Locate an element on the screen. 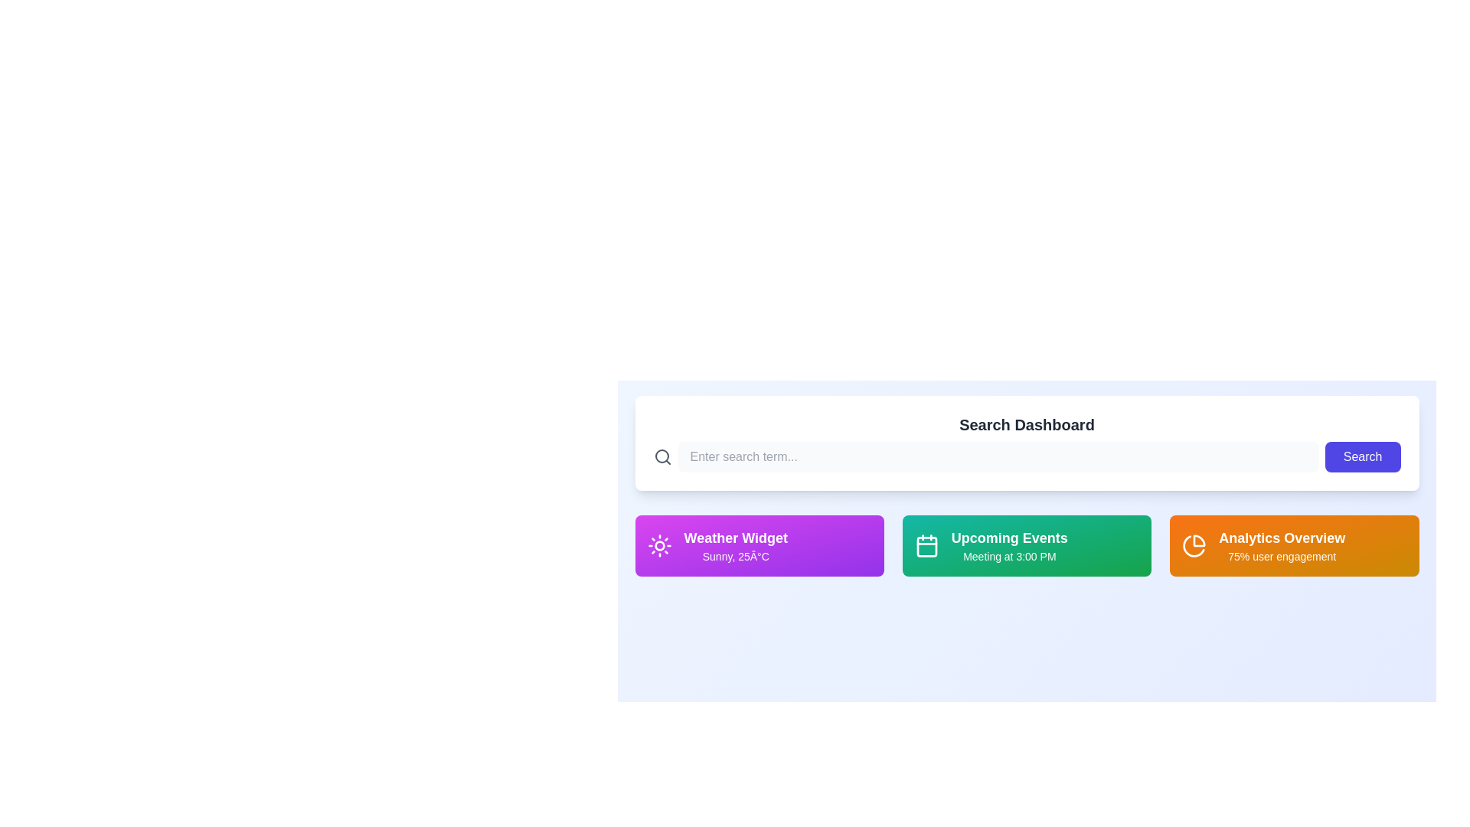  the SVG search icon located on the left side inside the search bar section, which serves as a visual cue for searching is located at coordinates (662, 456).